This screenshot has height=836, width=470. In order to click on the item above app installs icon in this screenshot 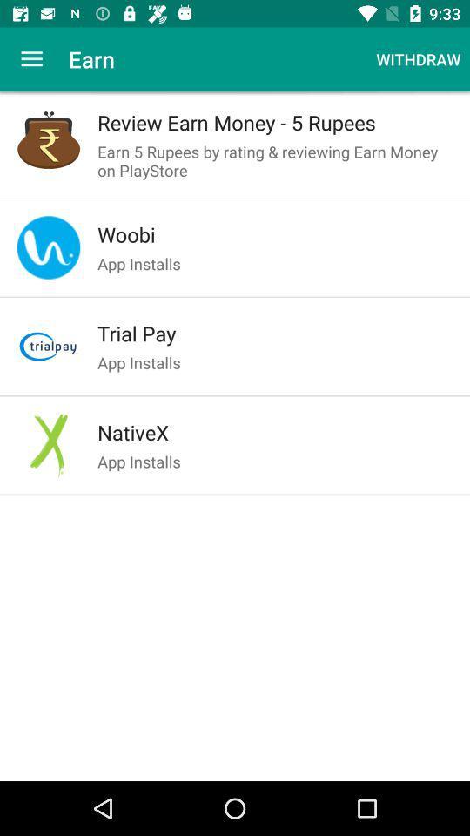, I will do `click(275, 333)`.